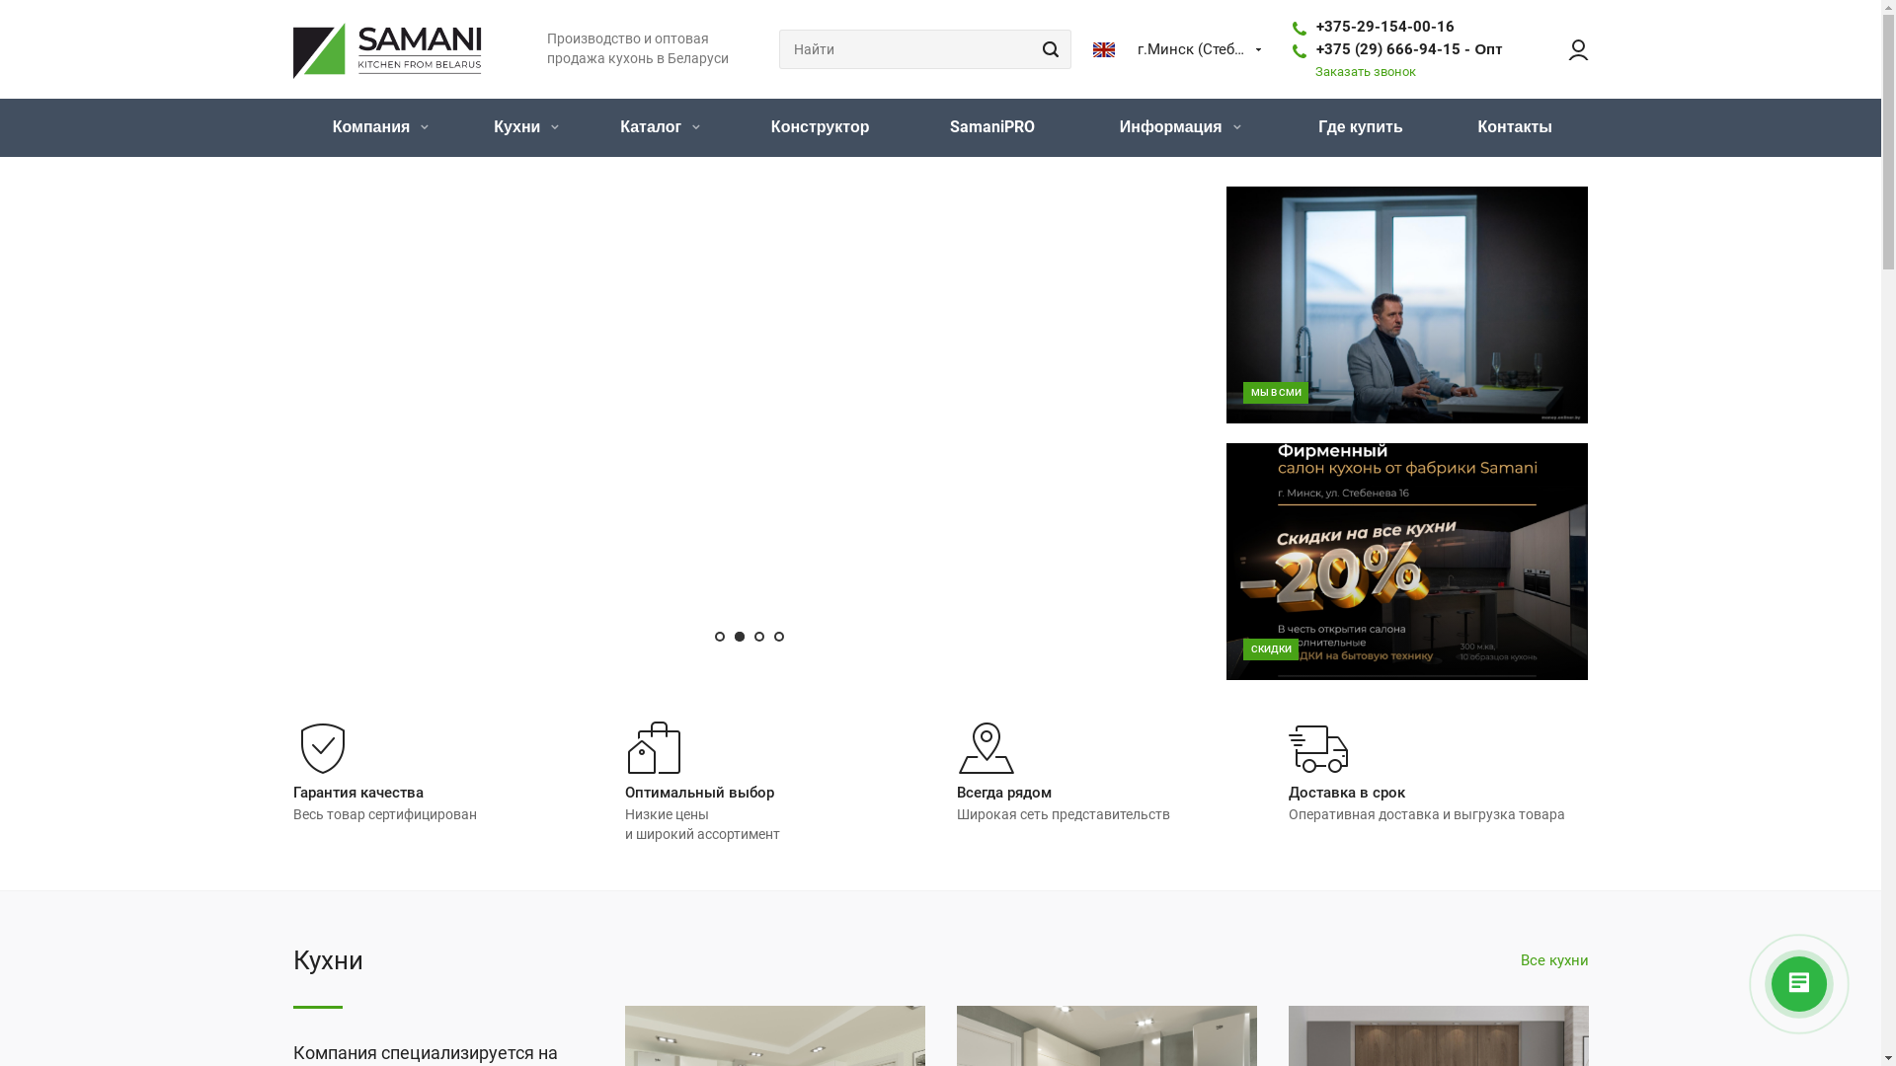 The height and width of the screenshot is (1066, 1896). I want to click on '2', so click(734, 636).